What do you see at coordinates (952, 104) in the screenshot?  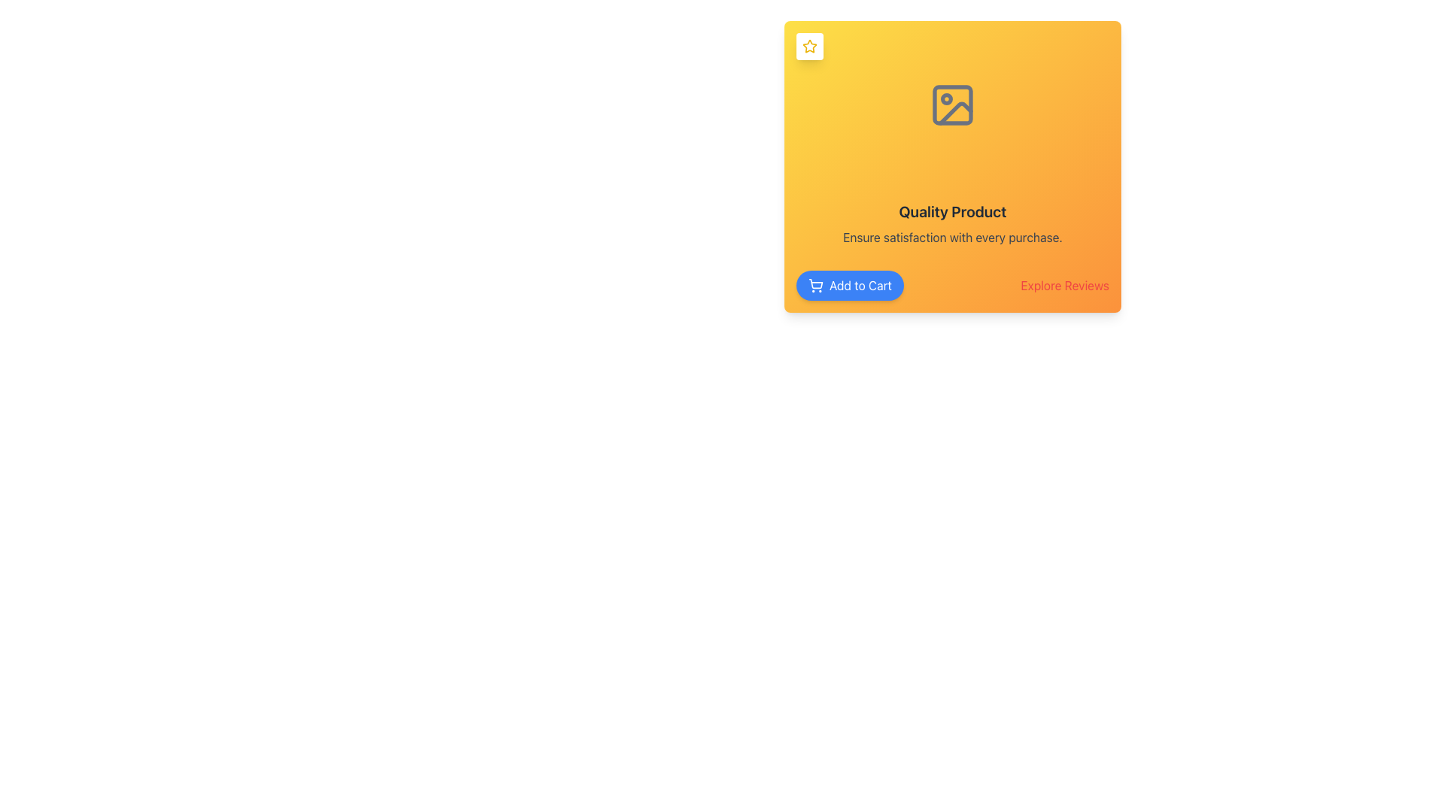 I see `the Decorative Image Section, which is an orange-themed rectangular section with a gradient background and a gray icon resembling an image frame, located at the top of the card layout` at bounding box center [952, 104].